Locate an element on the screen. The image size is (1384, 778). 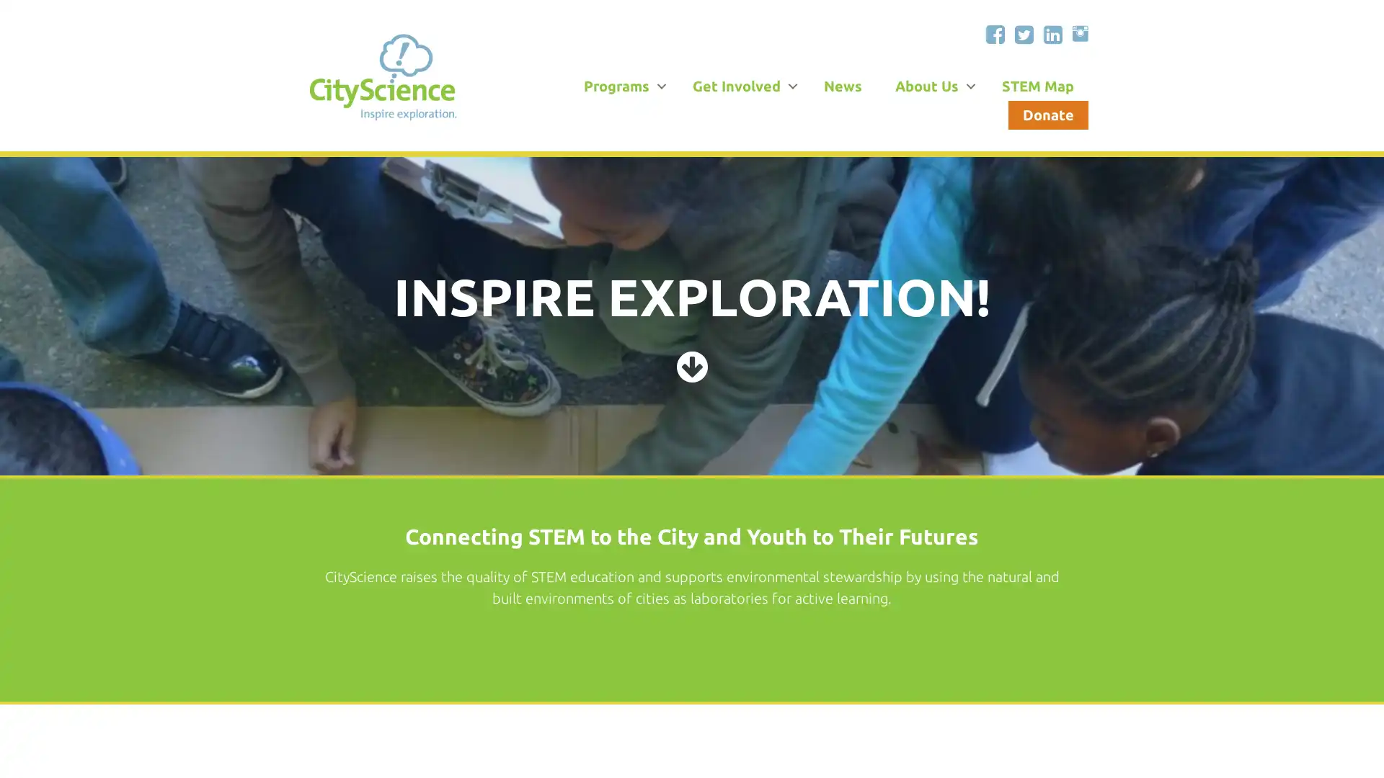
Volunteer With Us is located at coordinates (784, 638).